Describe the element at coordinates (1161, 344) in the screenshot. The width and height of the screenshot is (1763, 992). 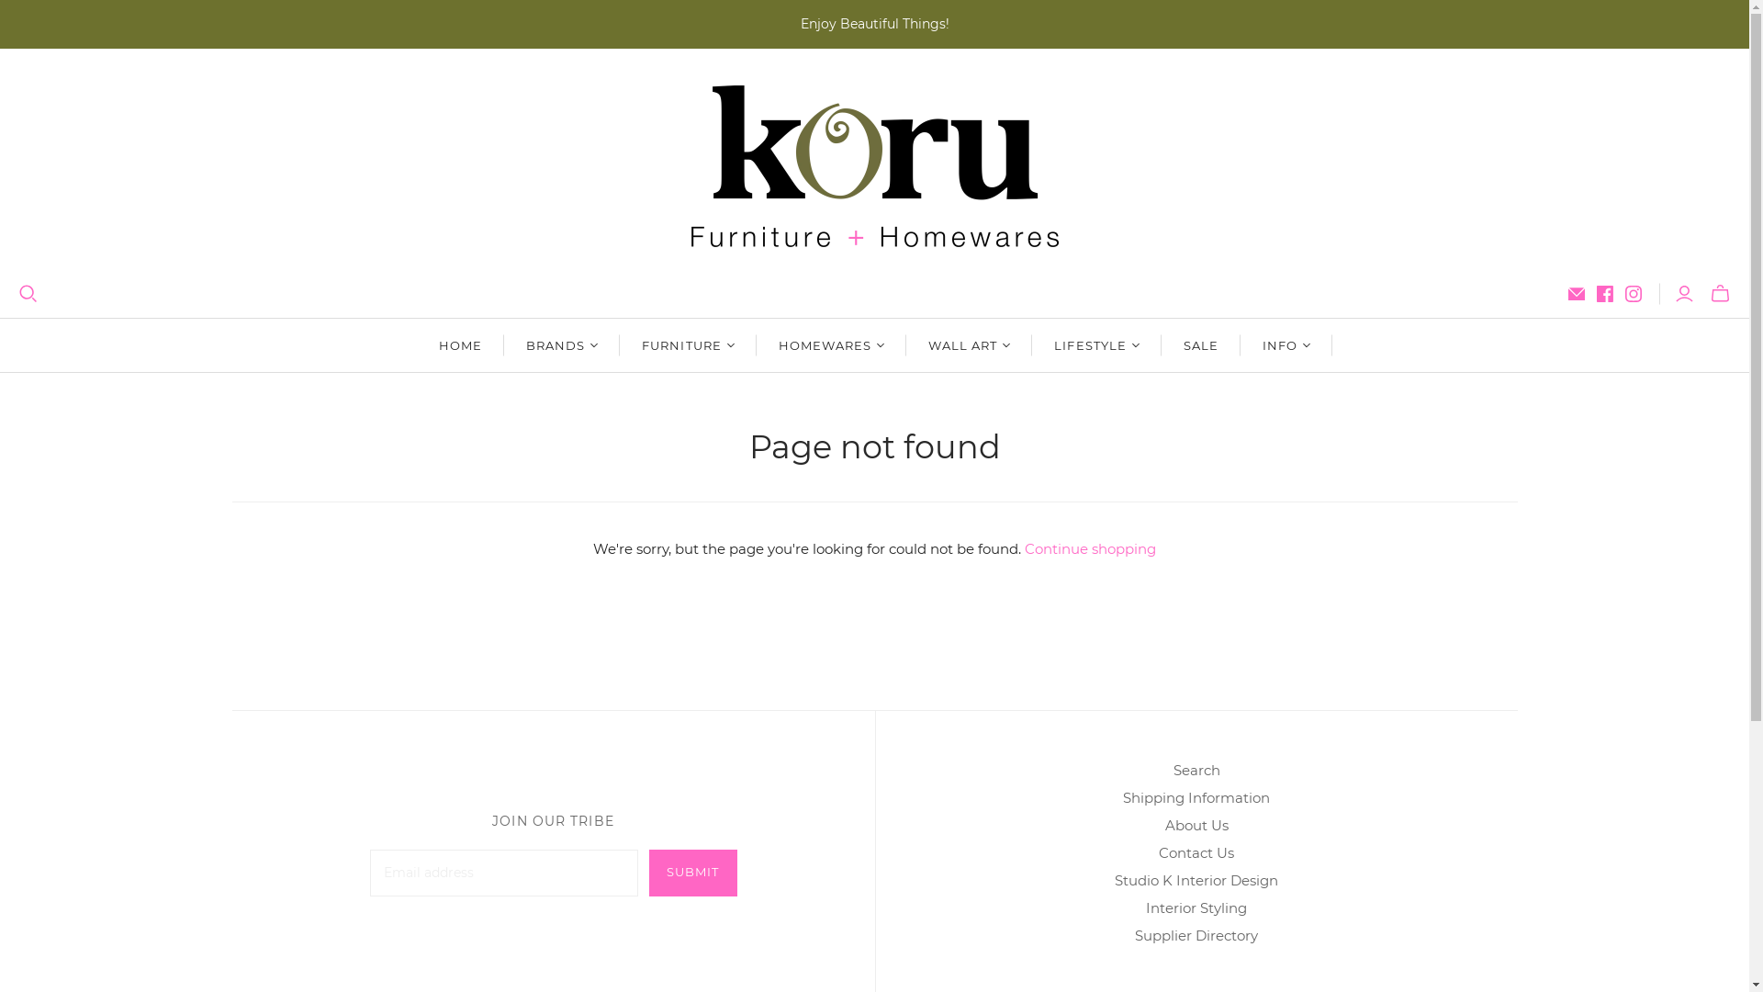
I see `'SALE'` at that location.